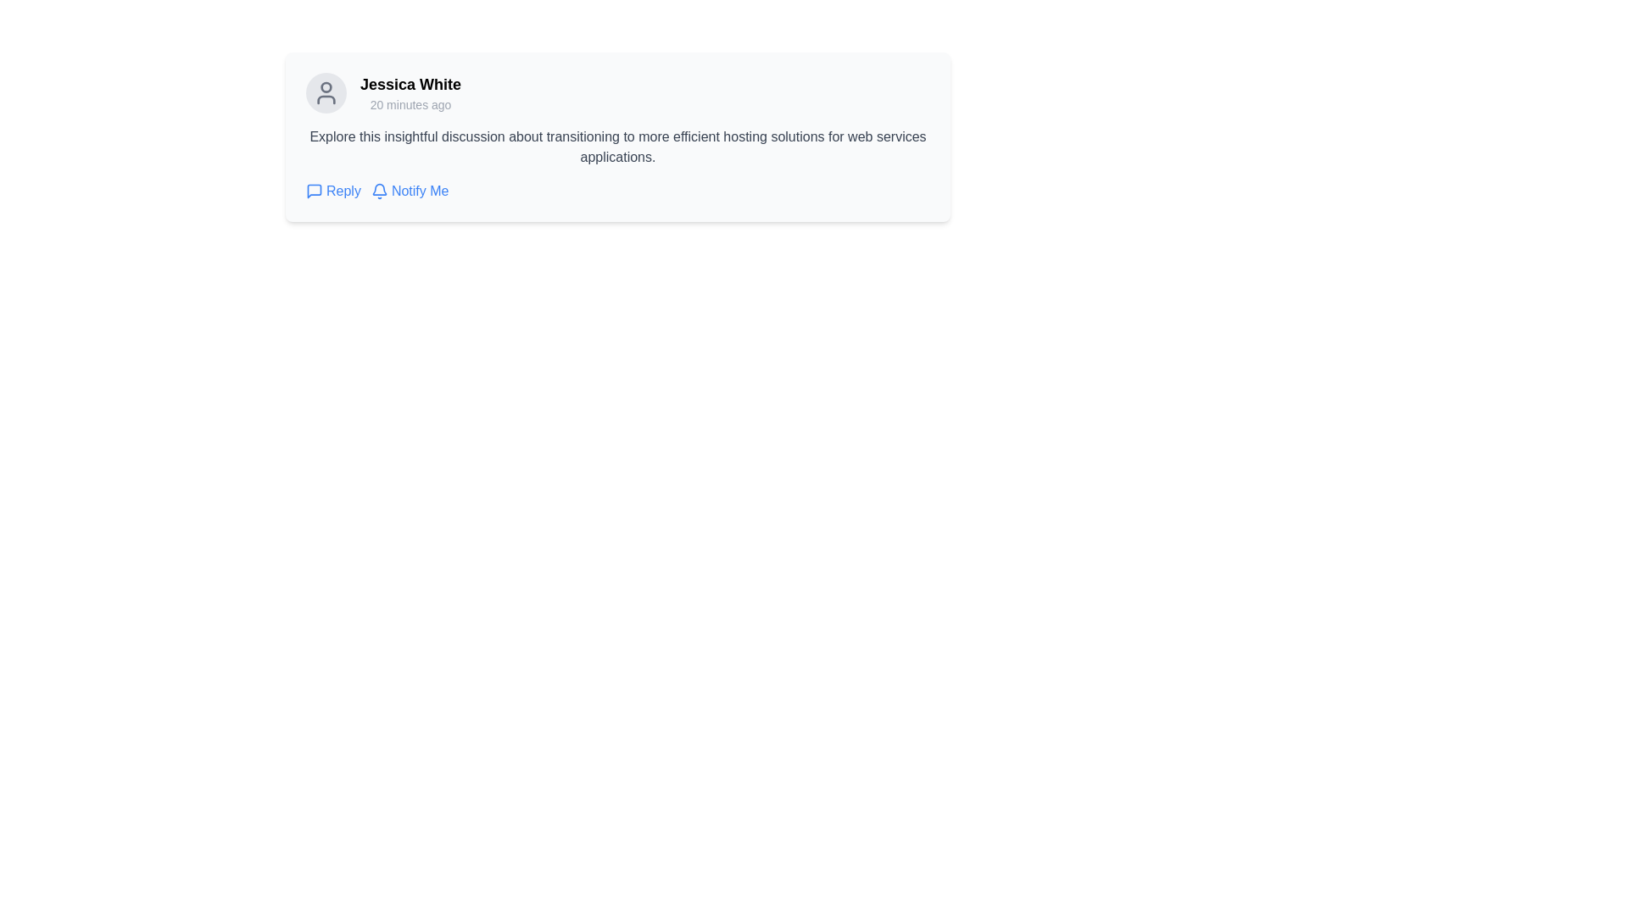  I want to click on the circular profile image icon with a light-gray background that contains a user SVG illustration, so click(326, 93).